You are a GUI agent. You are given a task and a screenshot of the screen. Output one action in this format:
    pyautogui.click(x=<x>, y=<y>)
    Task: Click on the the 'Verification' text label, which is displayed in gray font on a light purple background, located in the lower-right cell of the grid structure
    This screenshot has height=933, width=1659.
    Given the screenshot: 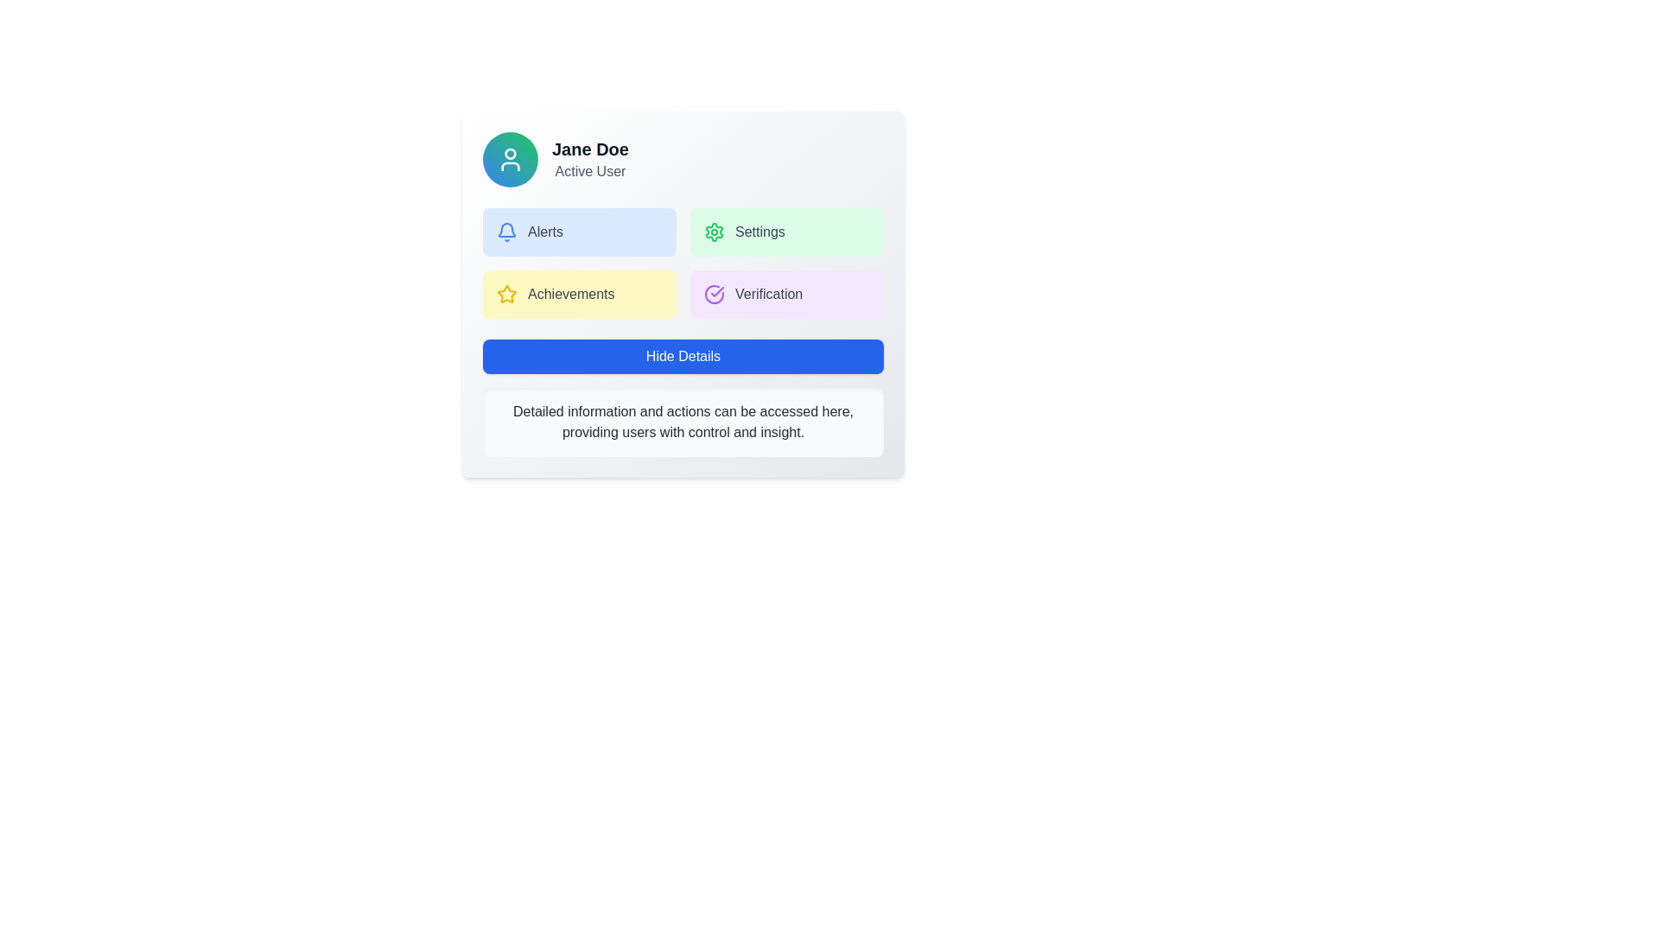 What is the action you would take?
    pyautogui.click(x=768, y=293)
    